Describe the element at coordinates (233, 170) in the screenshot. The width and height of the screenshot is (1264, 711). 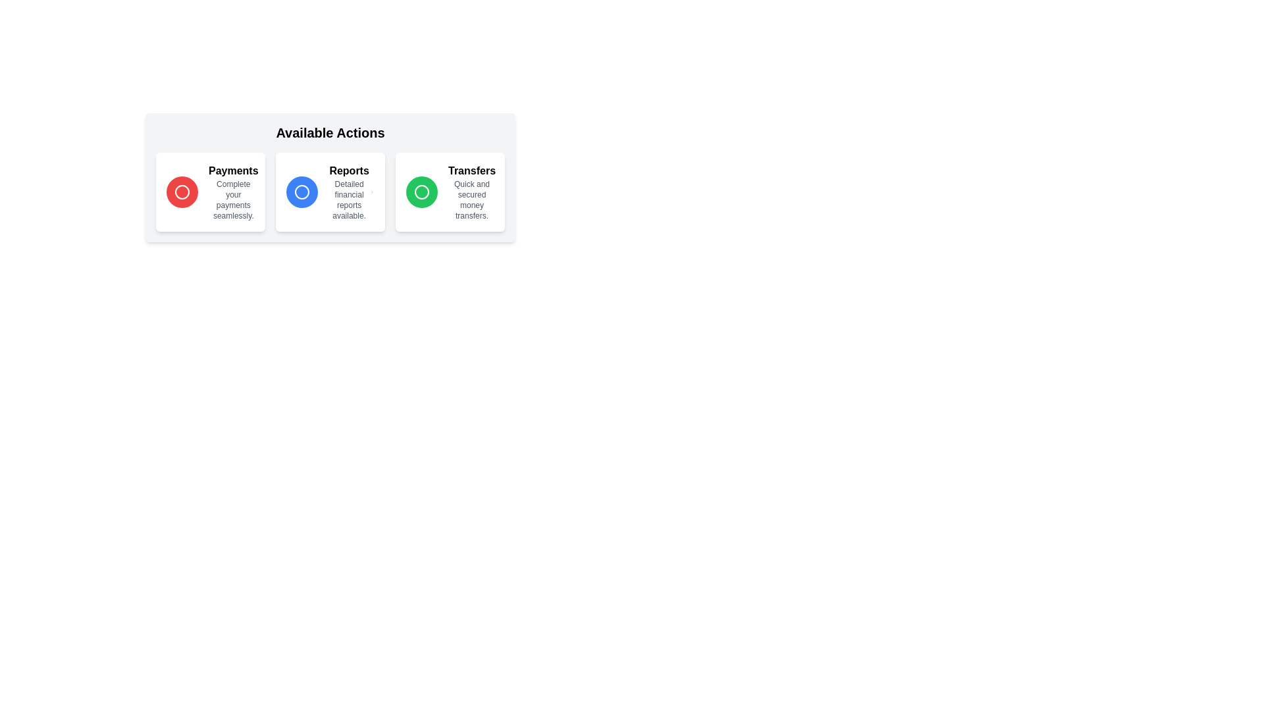
I see `the text label displaying 'Payments' in bold font, which is the title for the first card in a group of three horizontally arranged cards` at that location.